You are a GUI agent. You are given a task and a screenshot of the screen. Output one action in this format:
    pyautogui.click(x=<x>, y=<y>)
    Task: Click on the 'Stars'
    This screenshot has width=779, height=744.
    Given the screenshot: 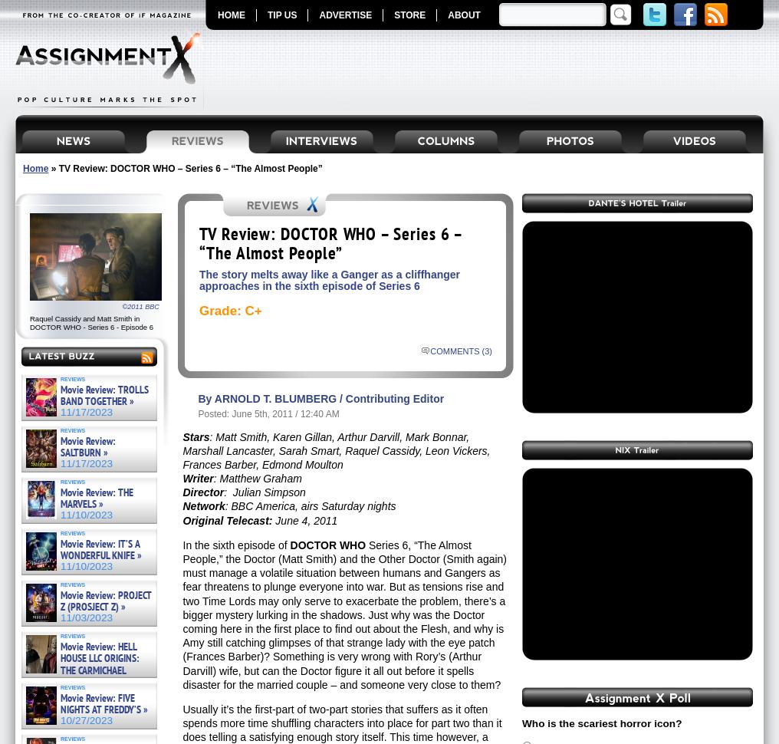 What is the action you would take?
    pyautogui.click(x=195, y=436)
    